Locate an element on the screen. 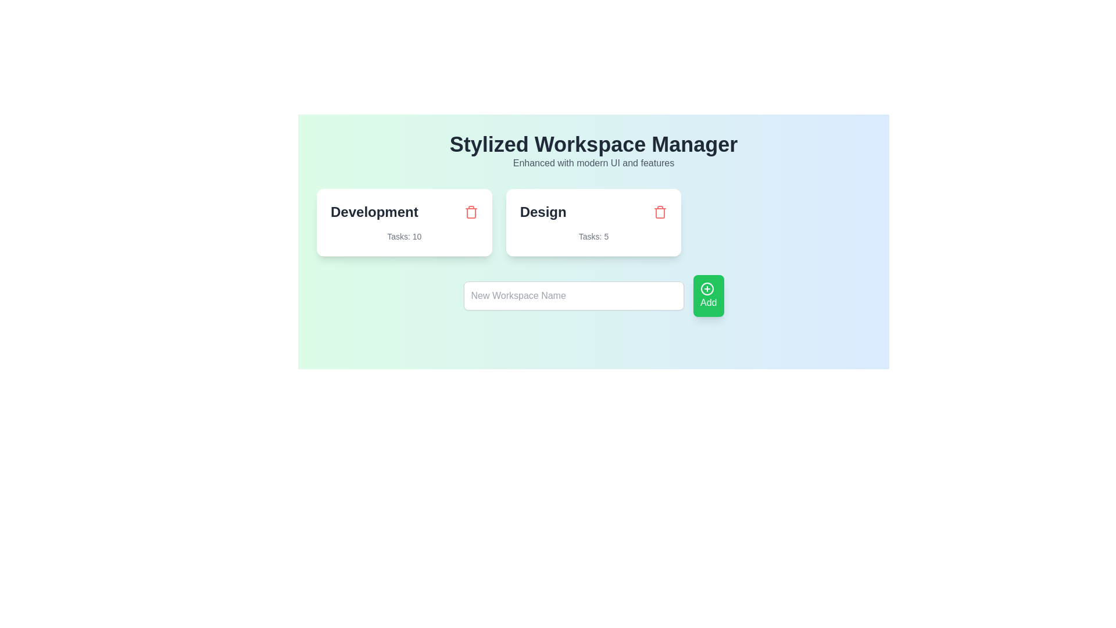  the circular icon with a plus symbol on a green button labeled 'Add' to initiate the add action is located at coordinates (707, 288).